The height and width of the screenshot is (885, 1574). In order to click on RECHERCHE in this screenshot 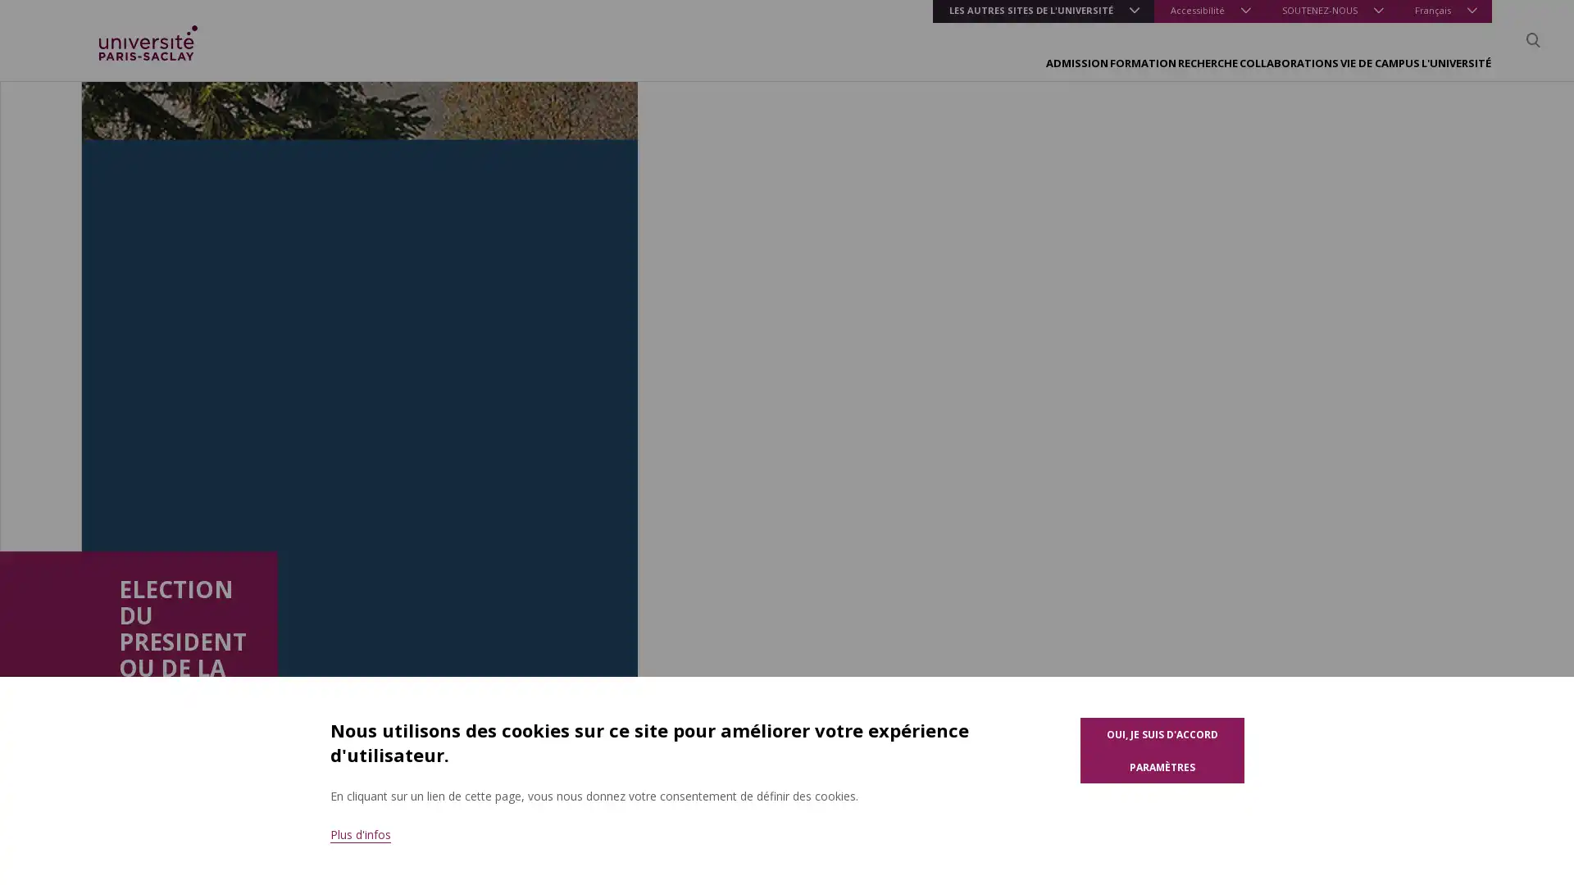, I will do `click(1040, 56)`.